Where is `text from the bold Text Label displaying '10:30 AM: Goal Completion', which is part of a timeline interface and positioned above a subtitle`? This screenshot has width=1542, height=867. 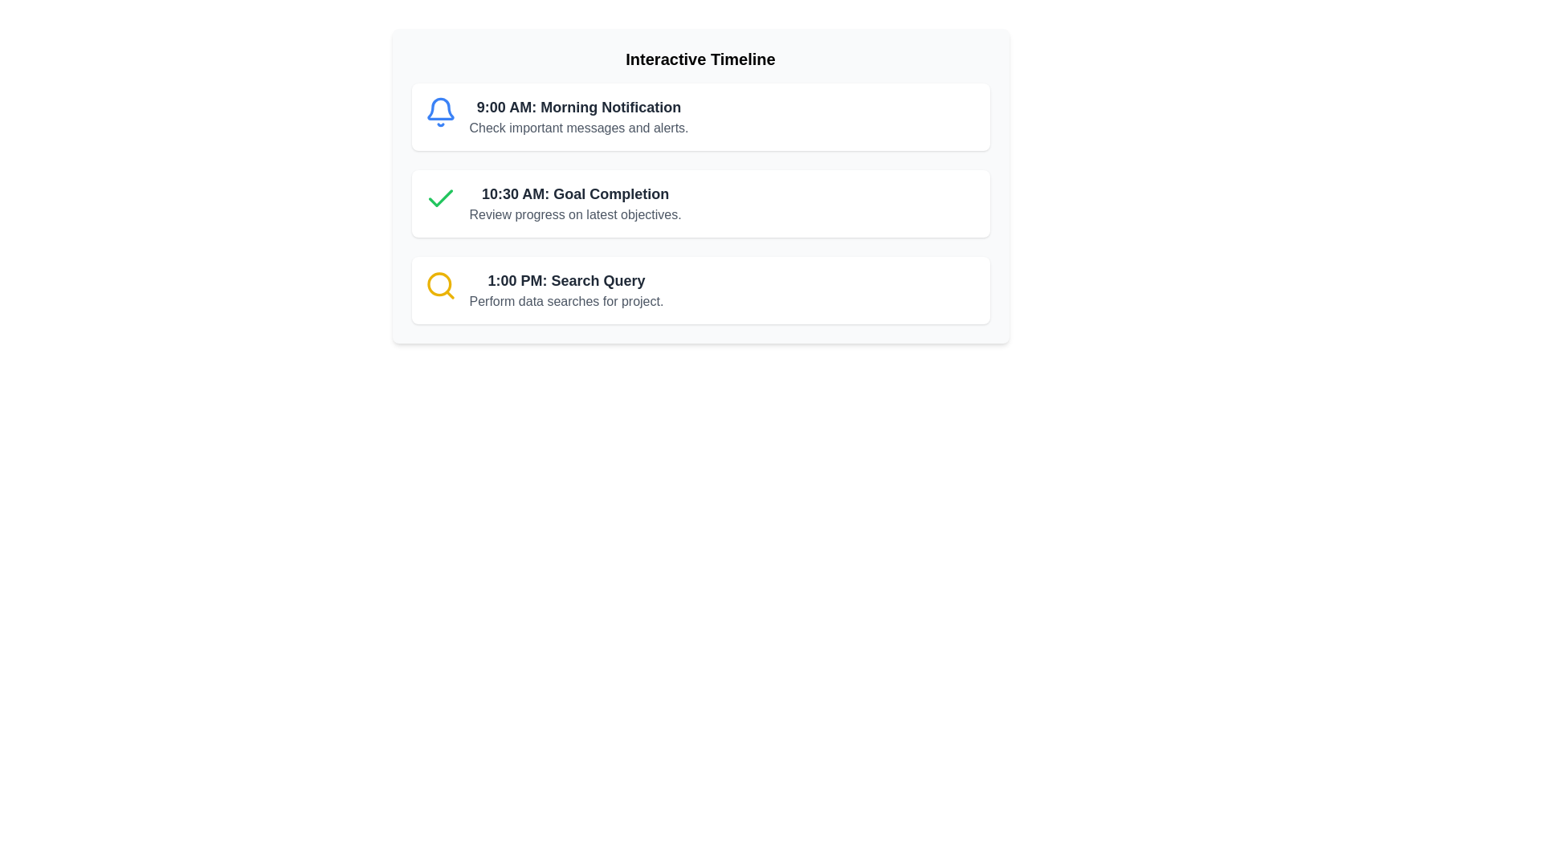
text from the bold Text Label displaying '10:30 AM: Goal Completion', which is part of a timeline interface and positioned above a subtitle is located at coordinates (575, 193).